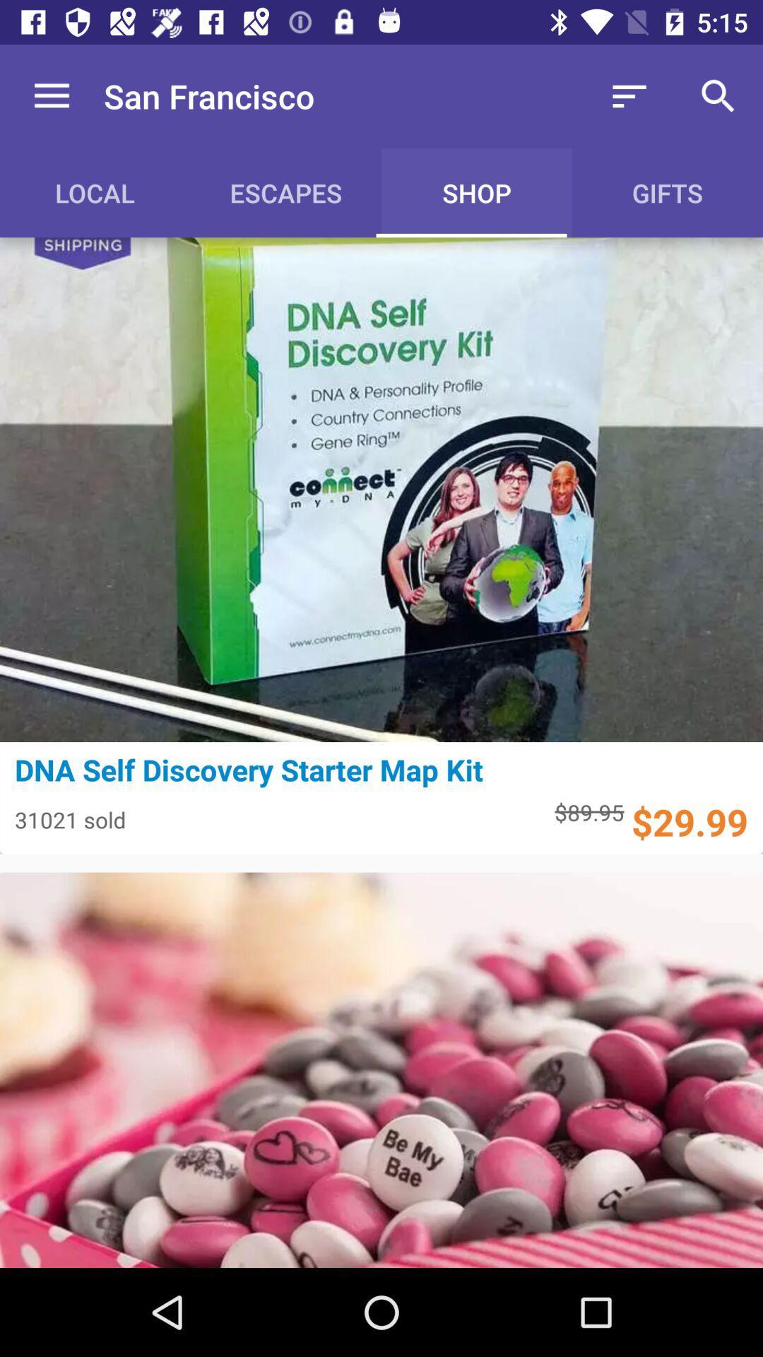  I want to click on the item next to the san francisco icon, so click(51, 95).